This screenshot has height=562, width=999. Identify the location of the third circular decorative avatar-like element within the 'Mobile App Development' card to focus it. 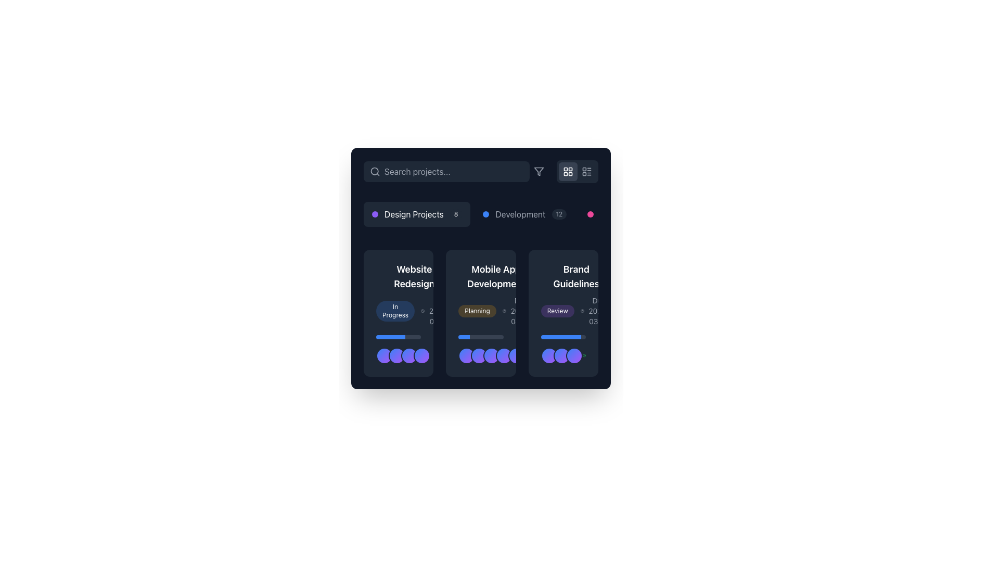
(480, 355).